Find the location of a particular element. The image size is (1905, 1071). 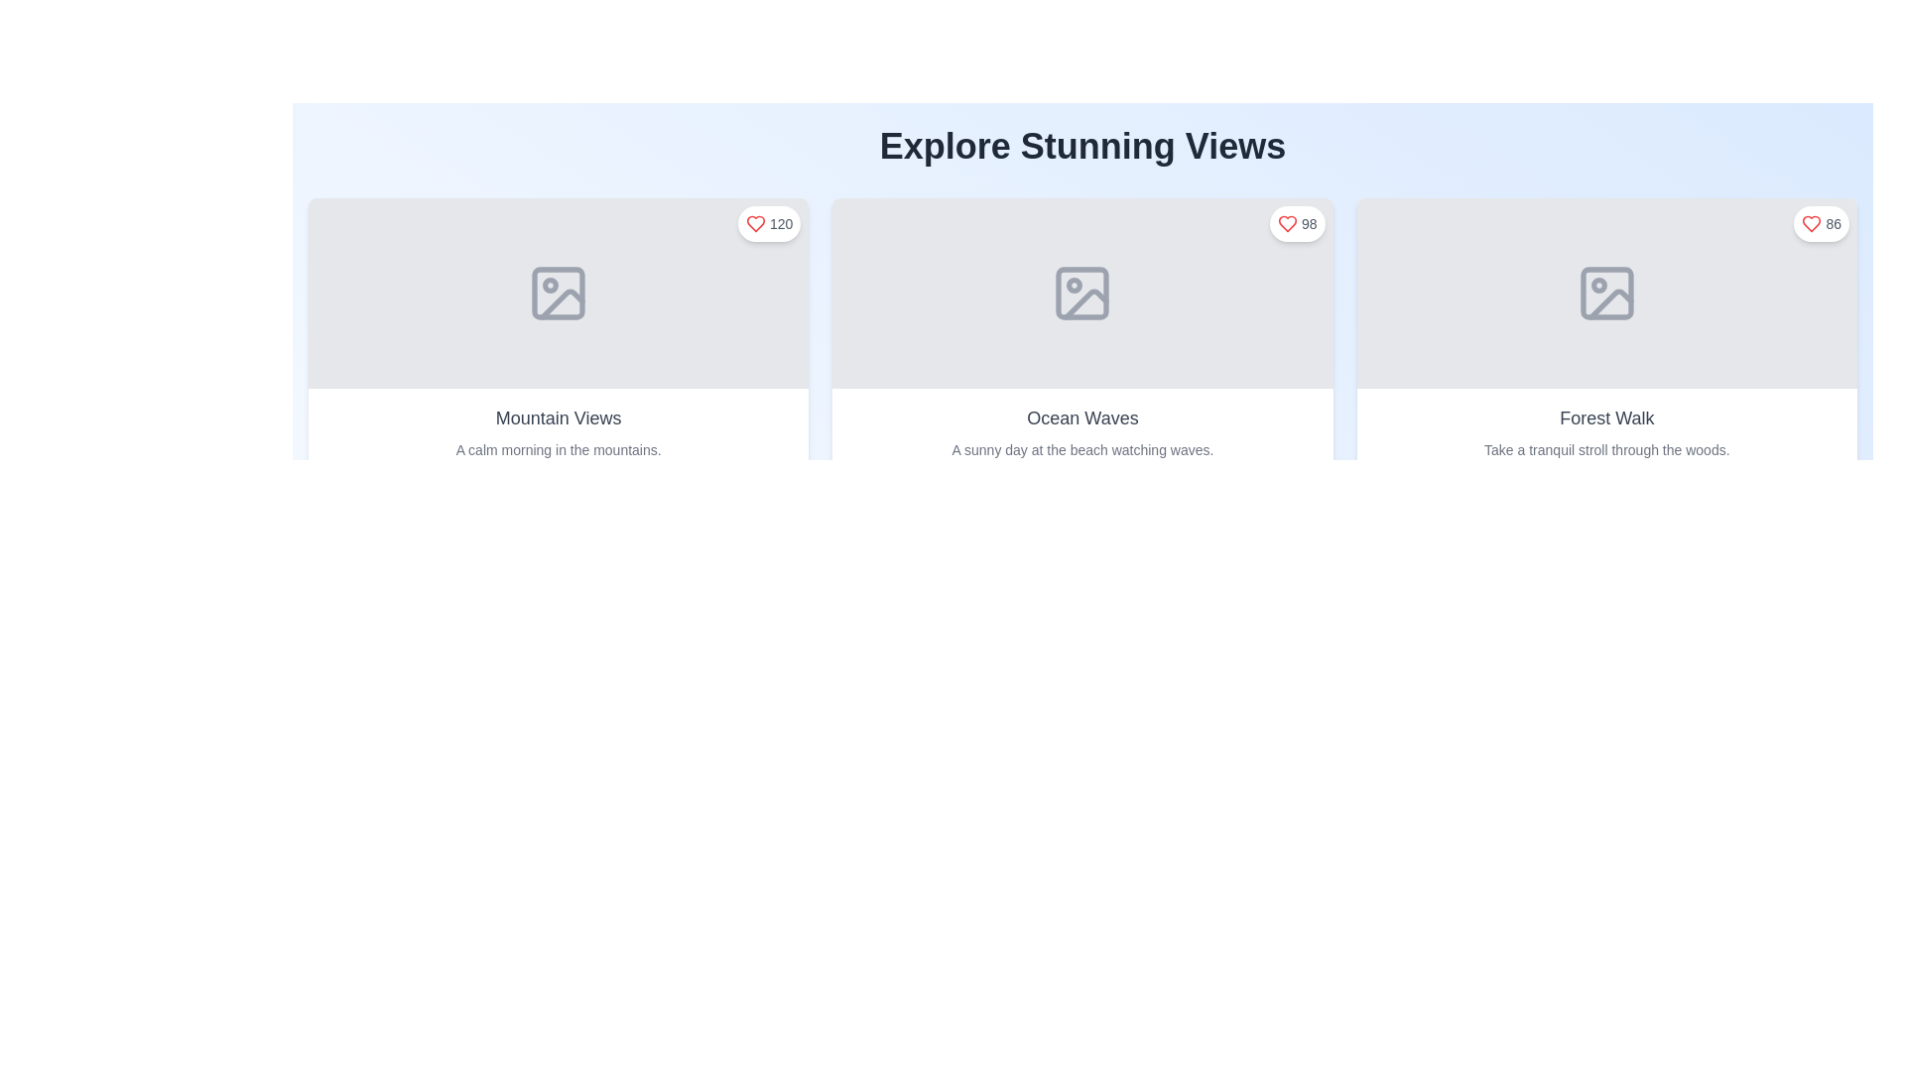

the gray pictorial icon representing an image placeholder located in the third card labeled 'Forest Walk' for possible interactions is located at coordinates (1606, 294).